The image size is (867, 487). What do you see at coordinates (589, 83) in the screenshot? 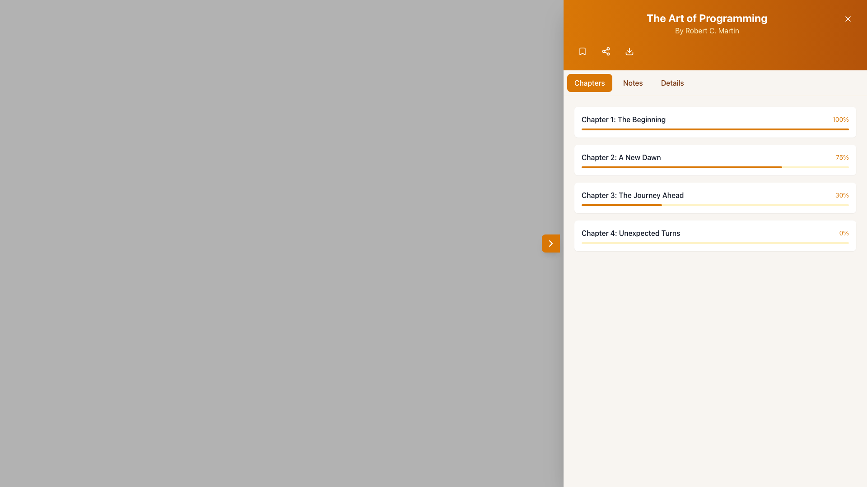
I see `the 'Chapters' navigation button located near the top of the right panel of the page` at bounding box center [589, 83].